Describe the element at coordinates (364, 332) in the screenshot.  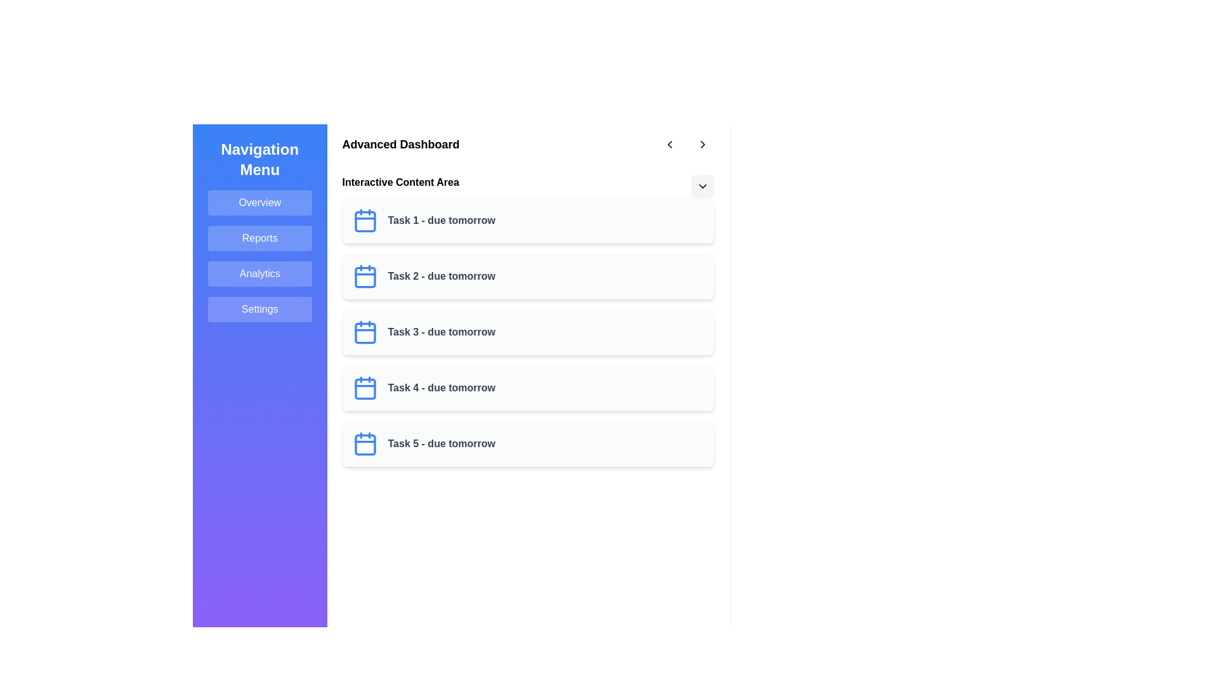
I see `the decorative shape that forms the main body of the calendar icon associated with Task 3 in the Interactive Content Area` at that location.